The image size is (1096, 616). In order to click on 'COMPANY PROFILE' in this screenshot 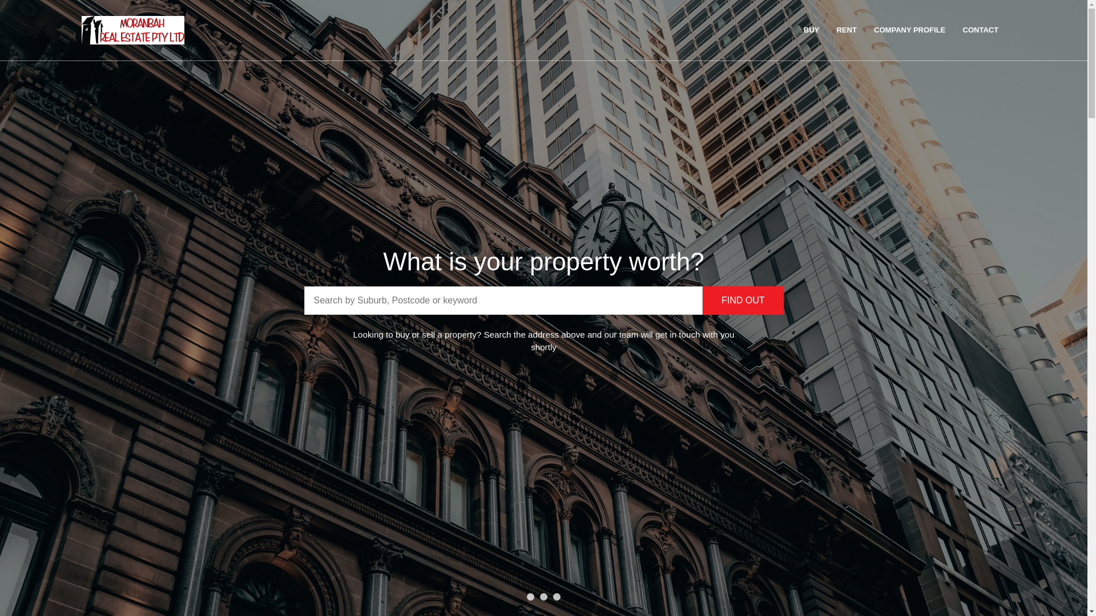, I will do `click(866, 30)`.